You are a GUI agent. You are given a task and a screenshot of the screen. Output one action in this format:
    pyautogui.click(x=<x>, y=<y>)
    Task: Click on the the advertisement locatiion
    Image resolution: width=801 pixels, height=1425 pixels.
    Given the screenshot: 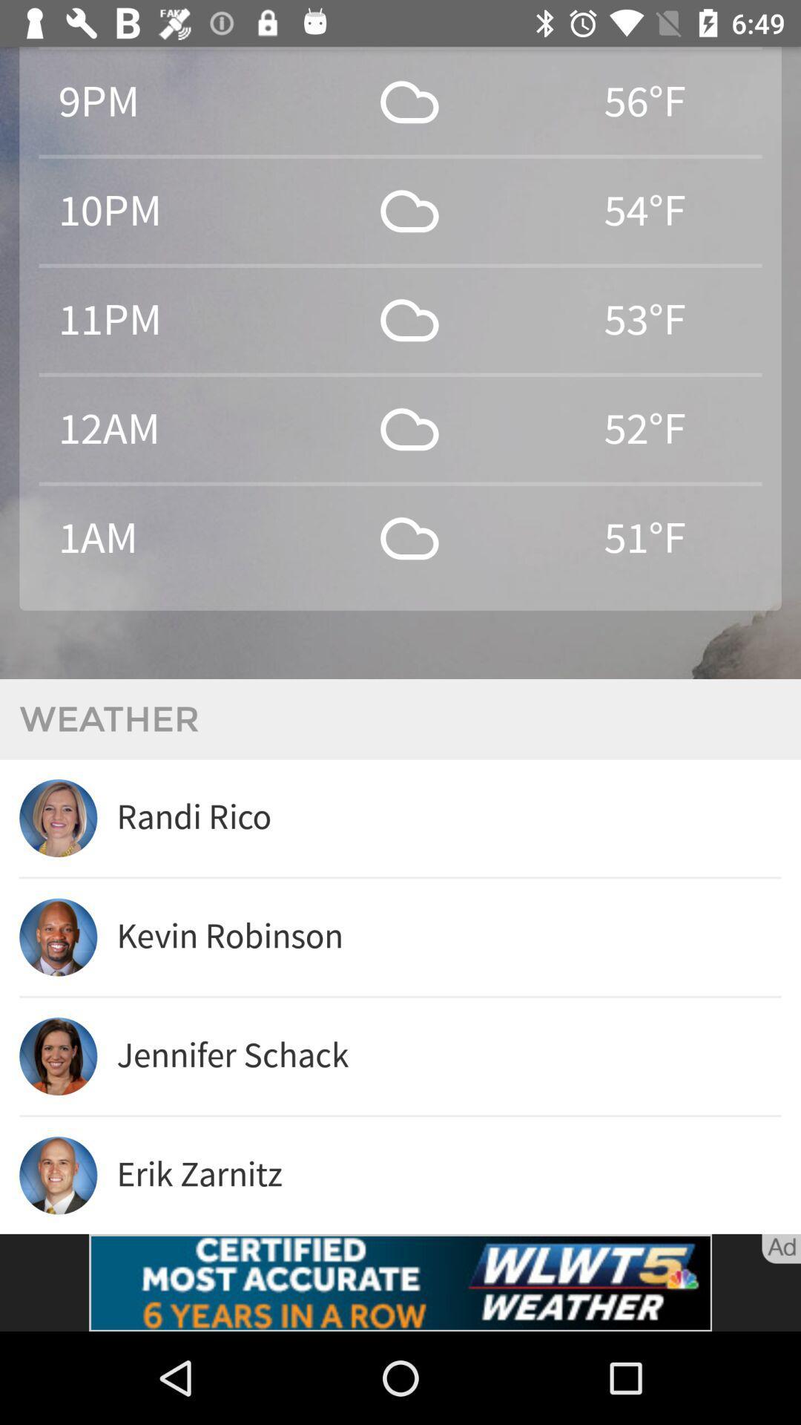 What is the action you would take?
    pyautogui.click(x=400, y=1282)
    